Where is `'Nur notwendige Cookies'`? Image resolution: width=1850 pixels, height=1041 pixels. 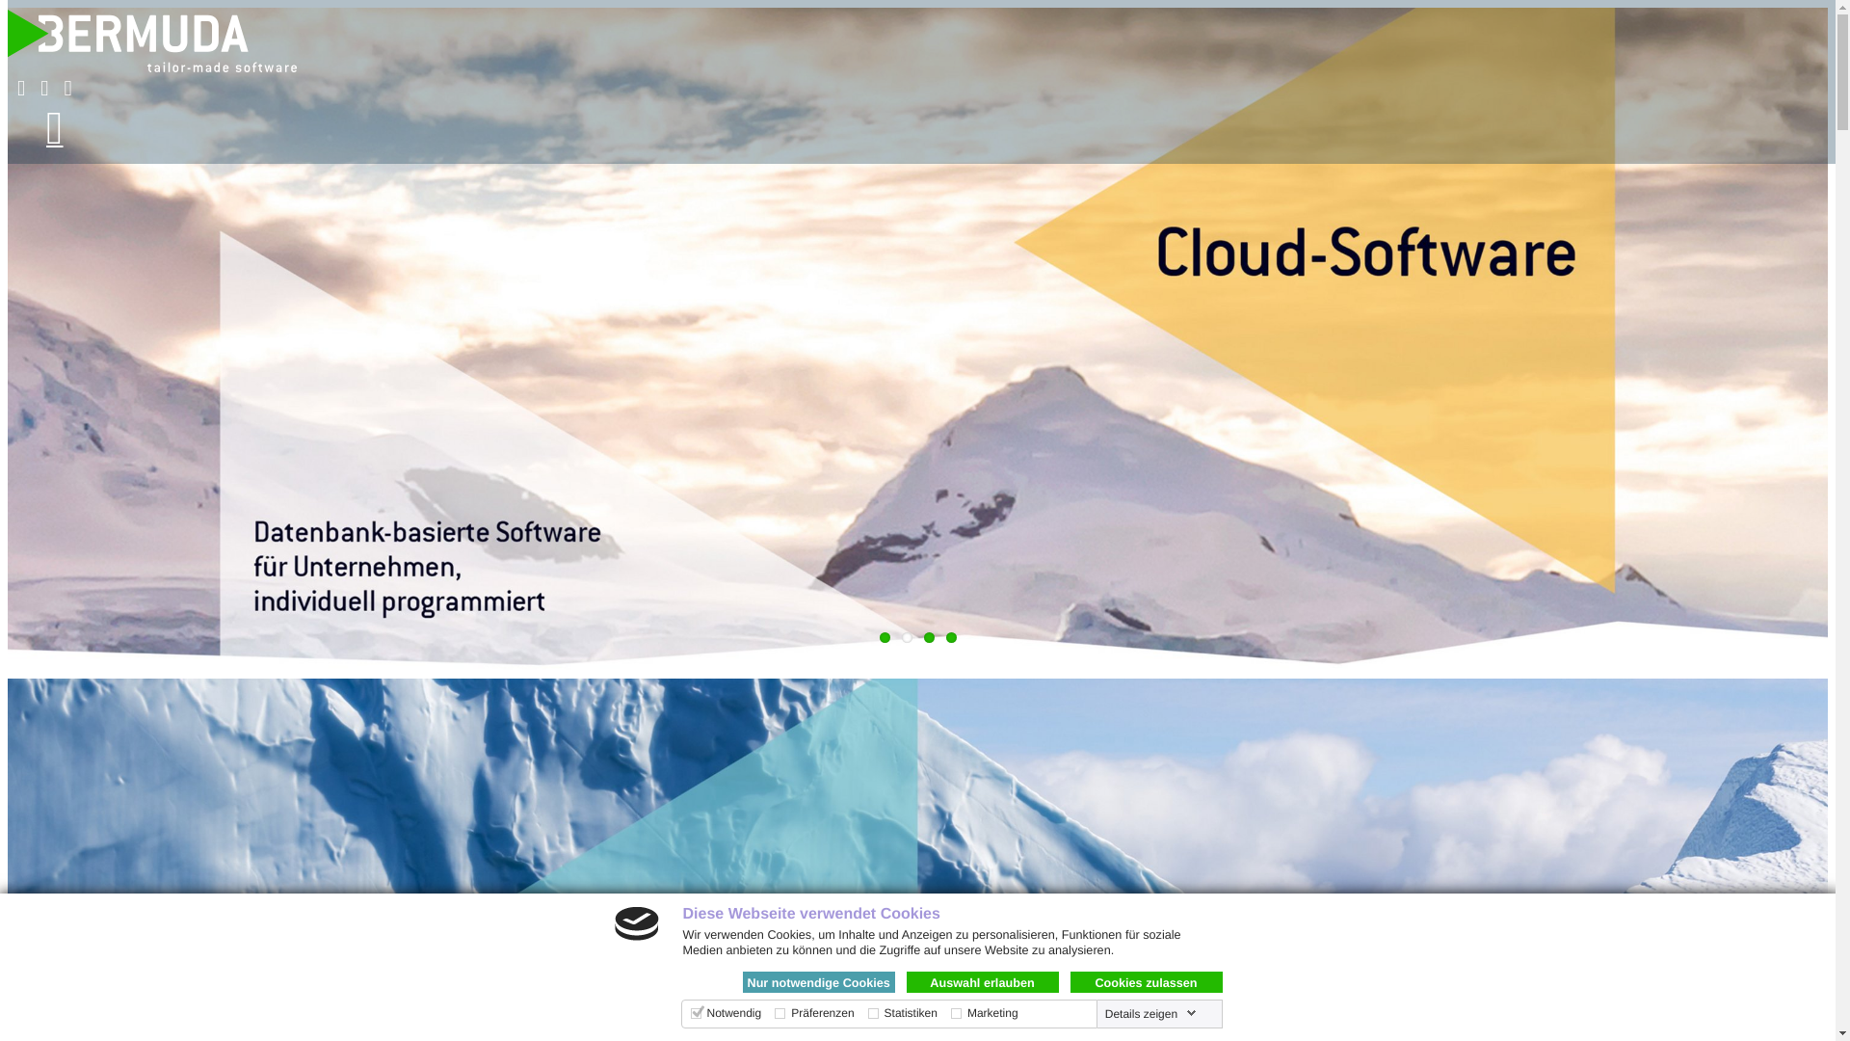
'Nur notwendige Cookies' is located at coordinates (818, 981).